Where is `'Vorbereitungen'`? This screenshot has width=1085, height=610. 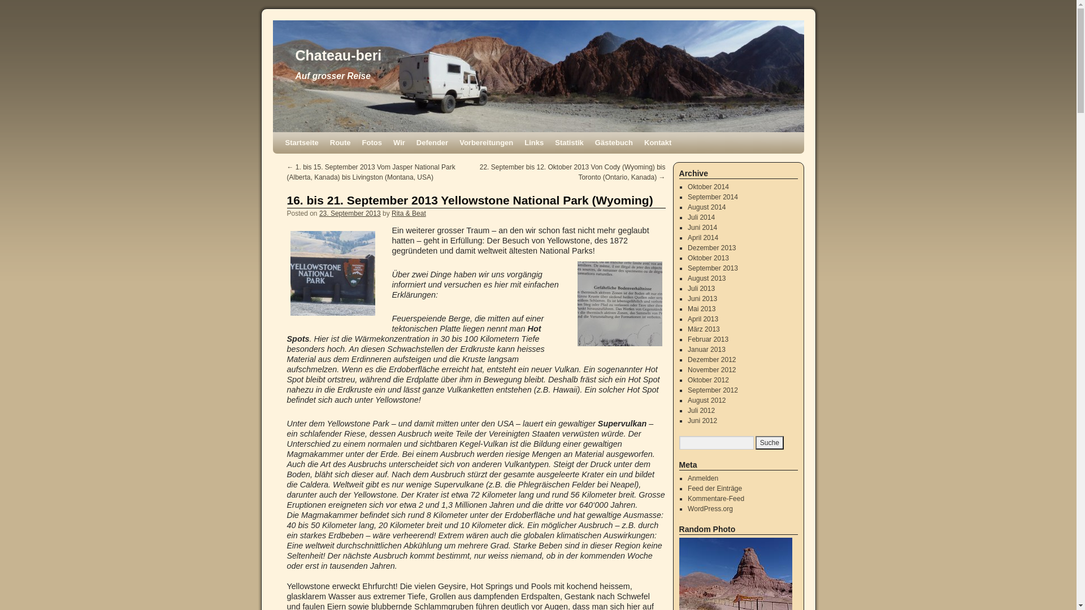 'Vorbereitungen' is located at coordinates (486, 142).